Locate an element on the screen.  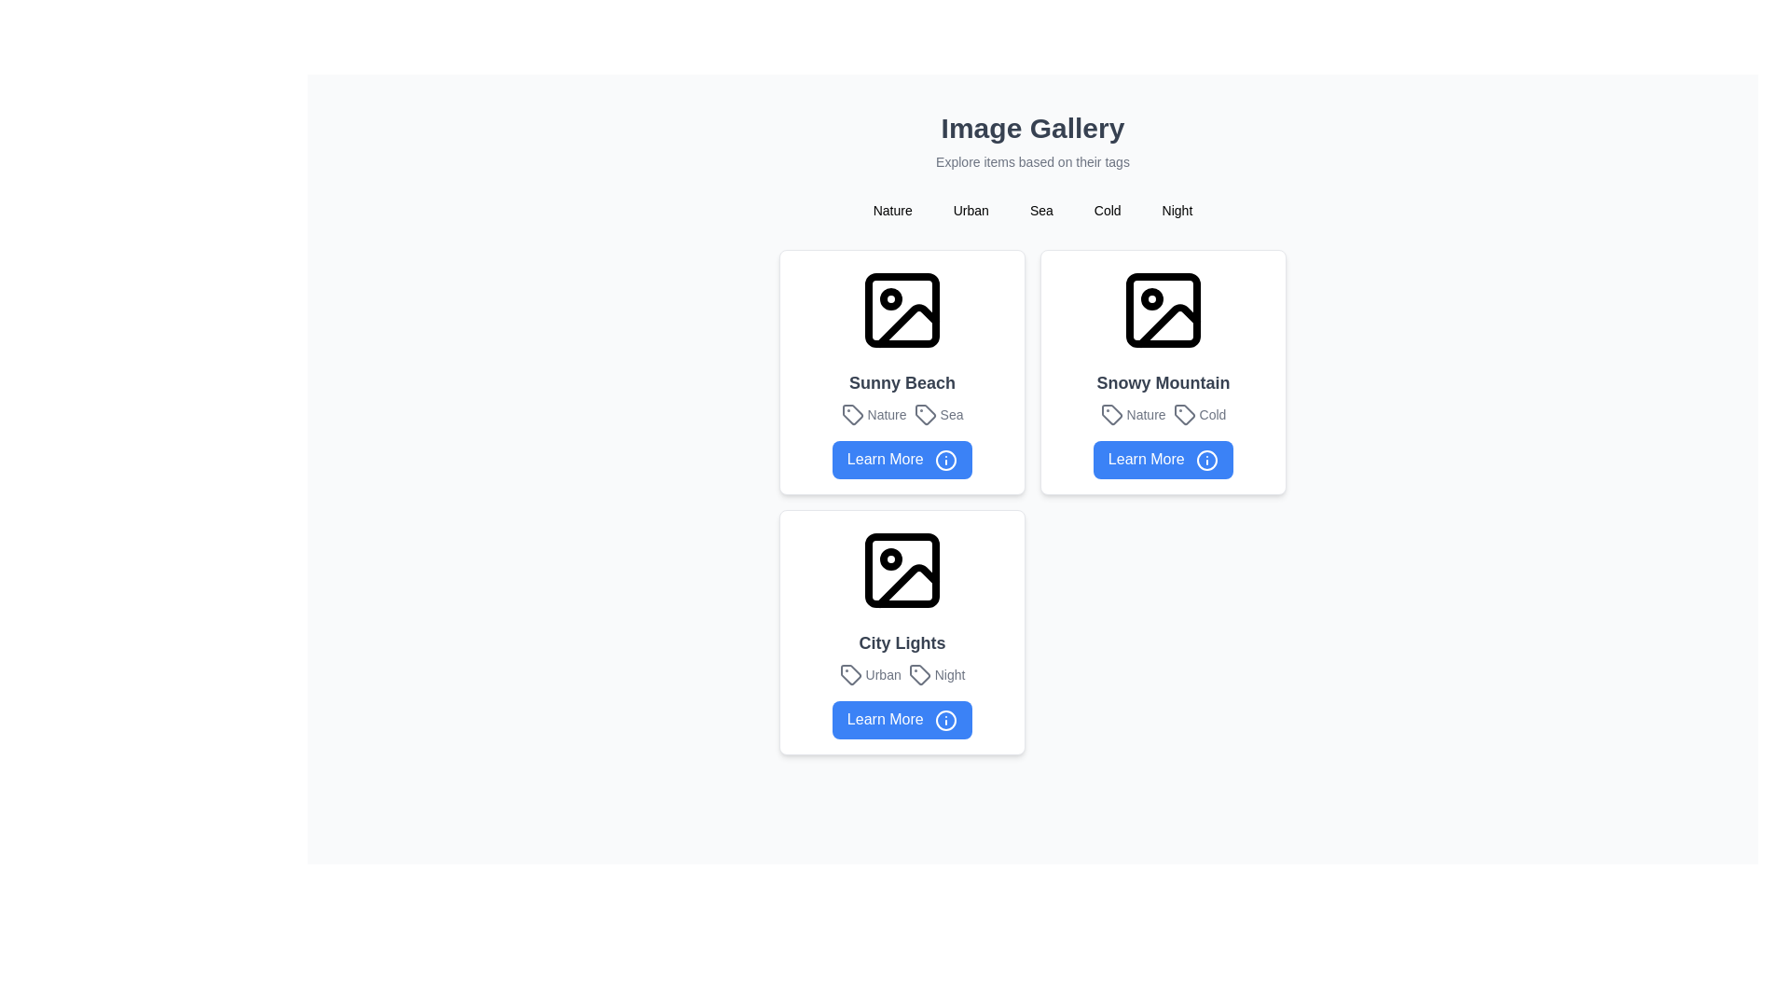
the pictorial icon representing the 'Snowy Mountain' card, which is located at the top-center of the card is located at coordinates (1163, 309).